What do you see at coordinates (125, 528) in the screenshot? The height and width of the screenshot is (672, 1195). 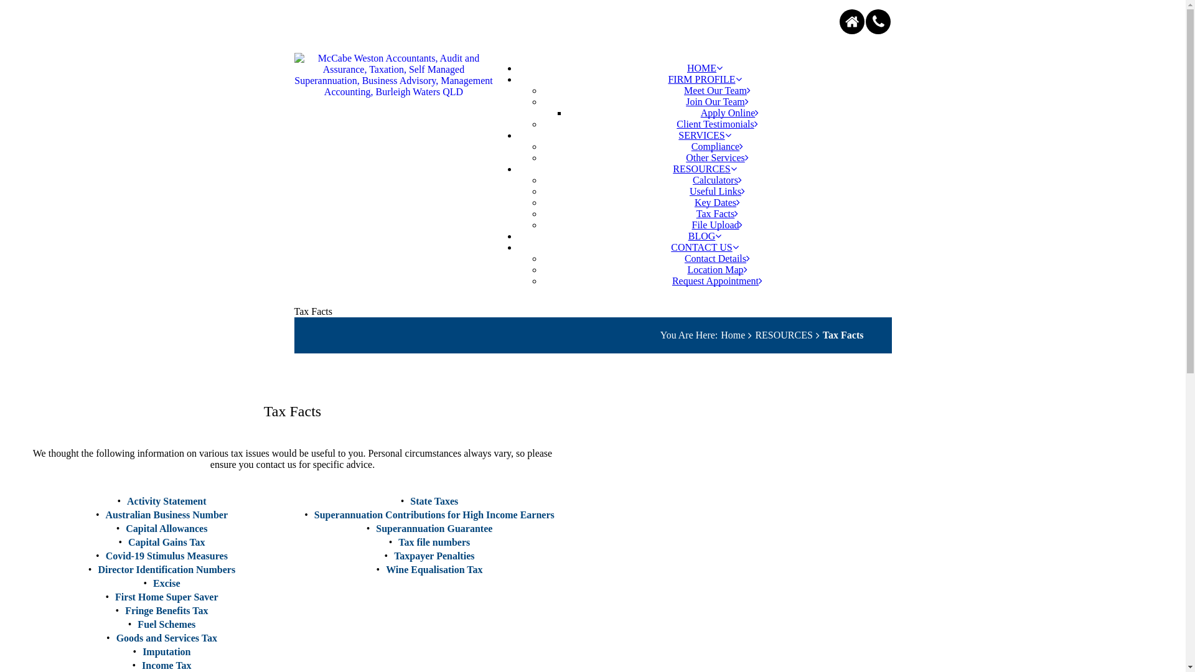 I see `'Capital Allowances'` at bounding box center [125, 528].